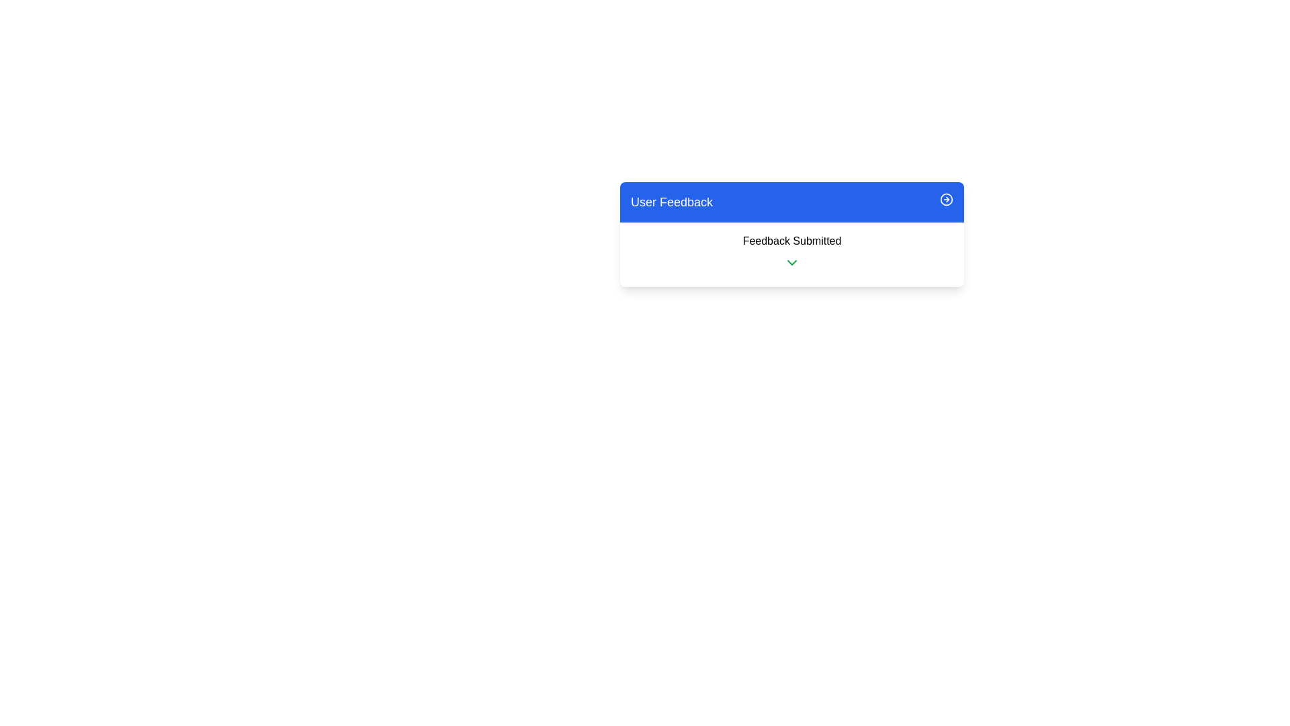 This screenshot has width=1290, height=726. Describe the element at coordinates (792, 262) in the screenshot. I see `the interactive arrow icon located at the center-bottom of the 'Feedback Submitted' panel` at that location.